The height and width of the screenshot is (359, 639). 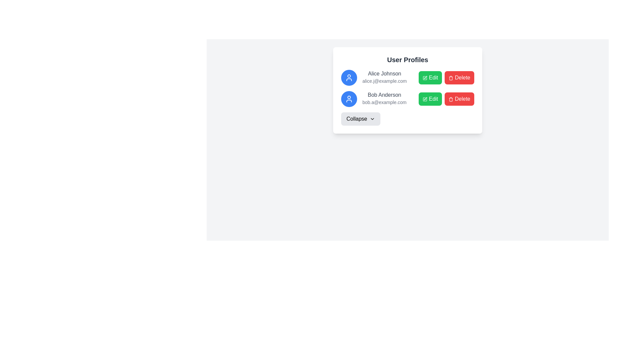 What do you see at coordinates (425, 99) in the screenshot?
I see `the 'Edit' icon, which is a small pen icon within a green button, to potentially reveal a tooltip` at bounding box center [425, 99].